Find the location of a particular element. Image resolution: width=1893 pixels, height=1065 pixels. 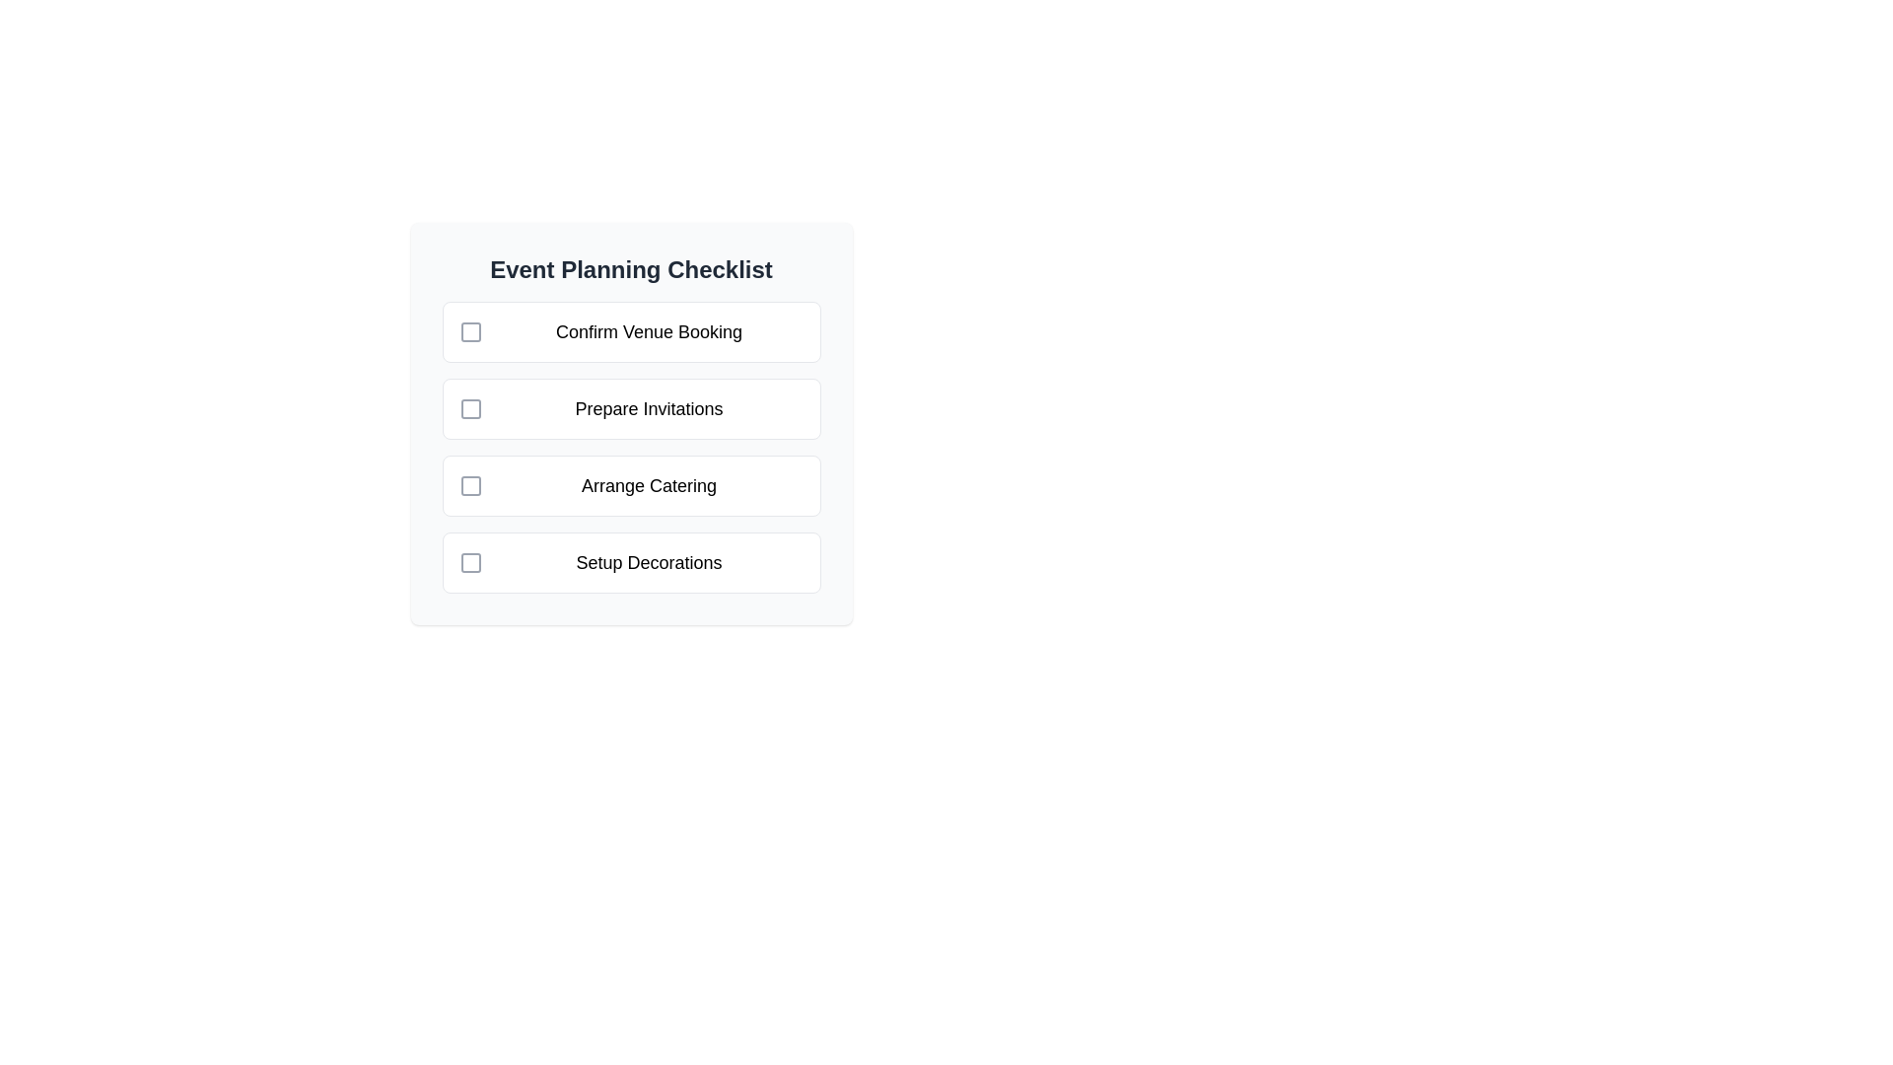

the text label indicating the task 'Prepare Invitations', which is the second item in the checklist, located between 'Confirm Venue Booking' and 'Arrange Catering' is located at coordinates (649, 408).